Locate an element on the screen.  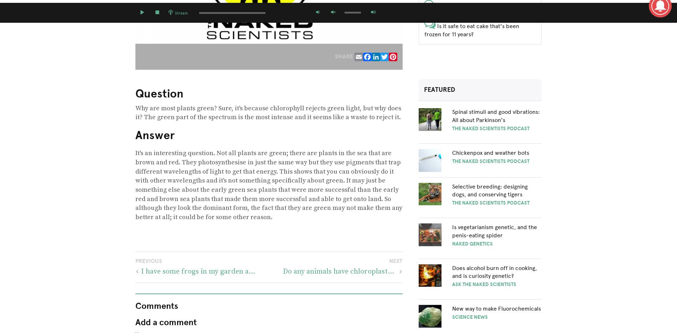
'Is it safe to eat cake that's been frozen for 11 years?' is located at coordinates (471, 30).